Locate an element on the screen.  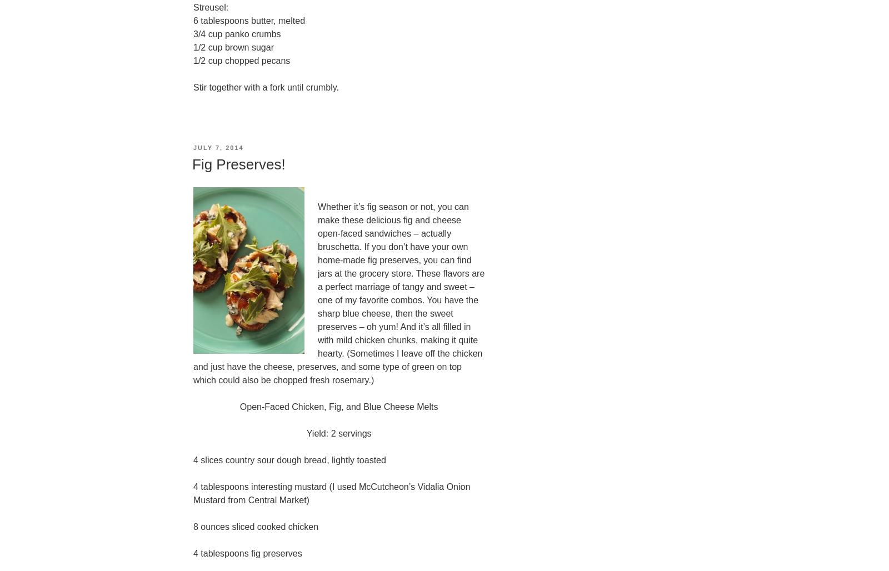
'1/2 cup chopped pecans' is located at coordinates (241, 60).